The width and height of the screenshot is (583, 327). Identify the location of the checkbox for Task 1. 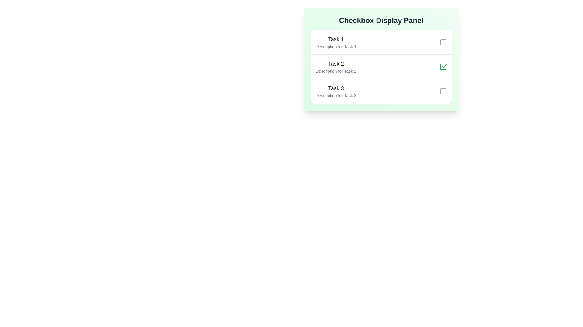
(443, 42).